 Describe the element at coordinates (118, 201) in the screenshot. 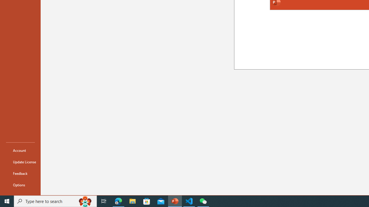

I see `'Microsoft Edge - 1 running window'` at that location.